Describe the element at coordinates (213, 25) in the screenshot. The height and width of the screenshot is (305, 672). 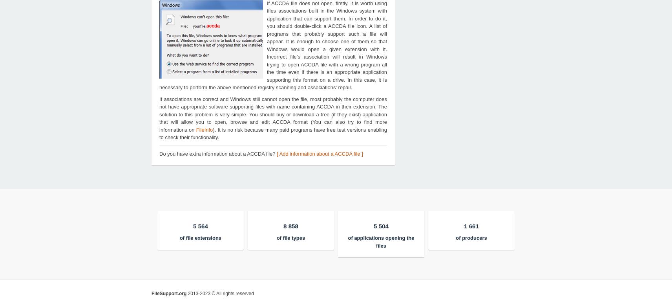
I see `'accda'` at that location.